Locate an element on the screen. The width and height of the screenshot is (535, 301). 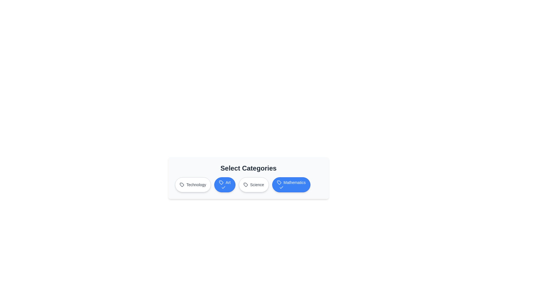
the icon within the category button labeled Science is located at coordinates (245, 185).